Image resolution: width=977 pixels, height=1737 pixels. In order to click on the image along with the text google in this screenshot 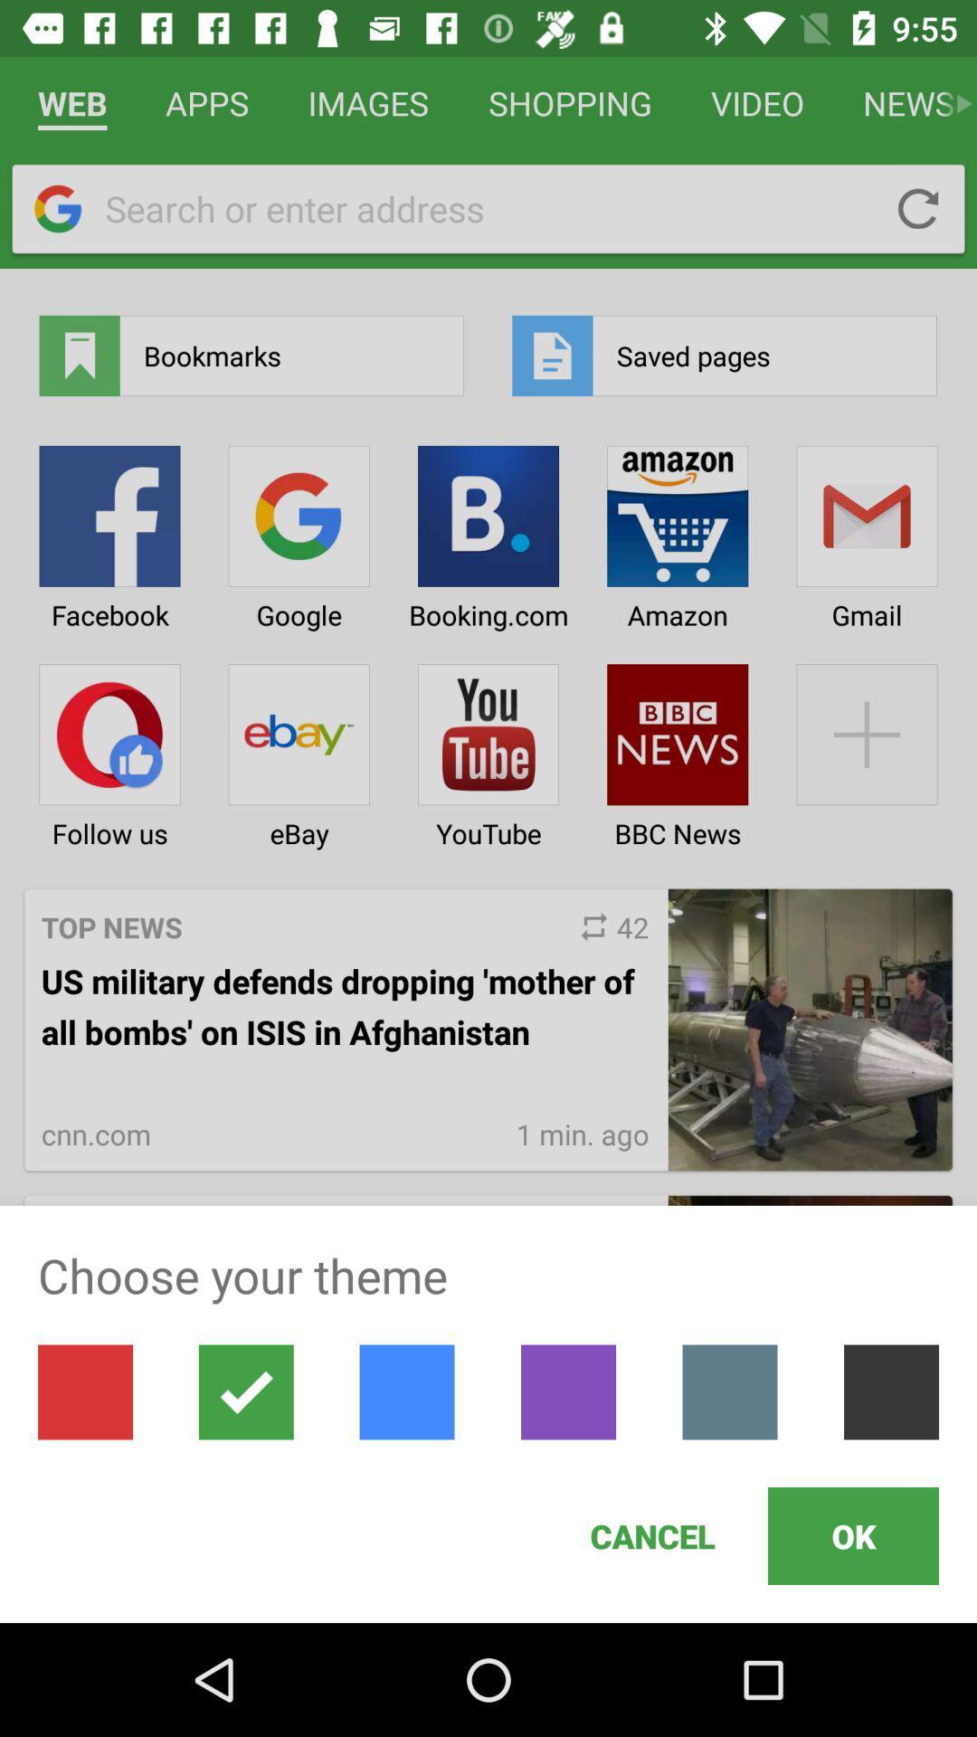, I will do `click(299, 530)`.